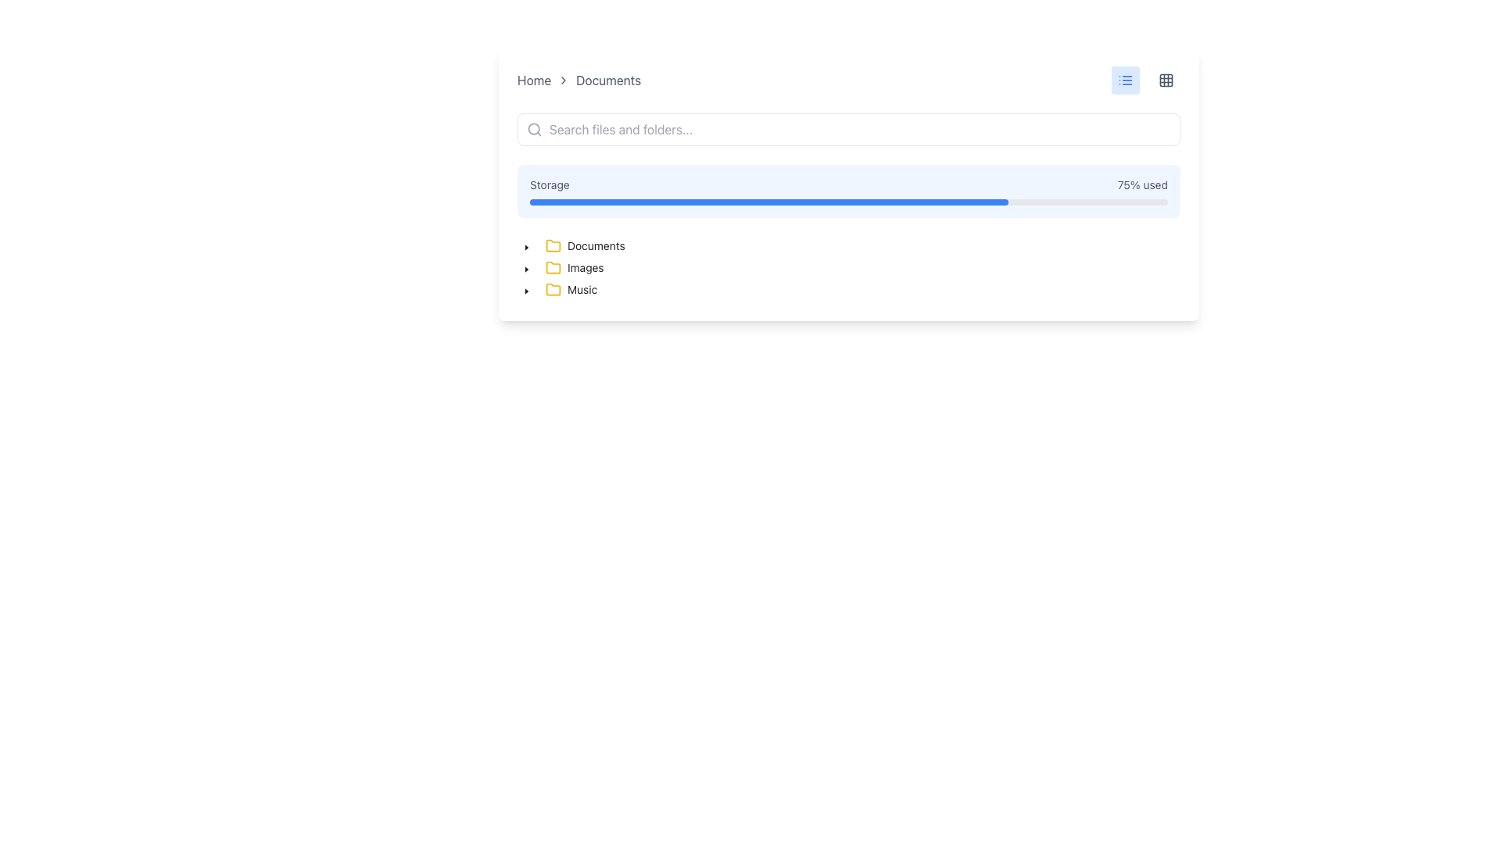 The height and width of the screenshot is (844, 1501). I want to click on the caret down icon, so click(526, 246).